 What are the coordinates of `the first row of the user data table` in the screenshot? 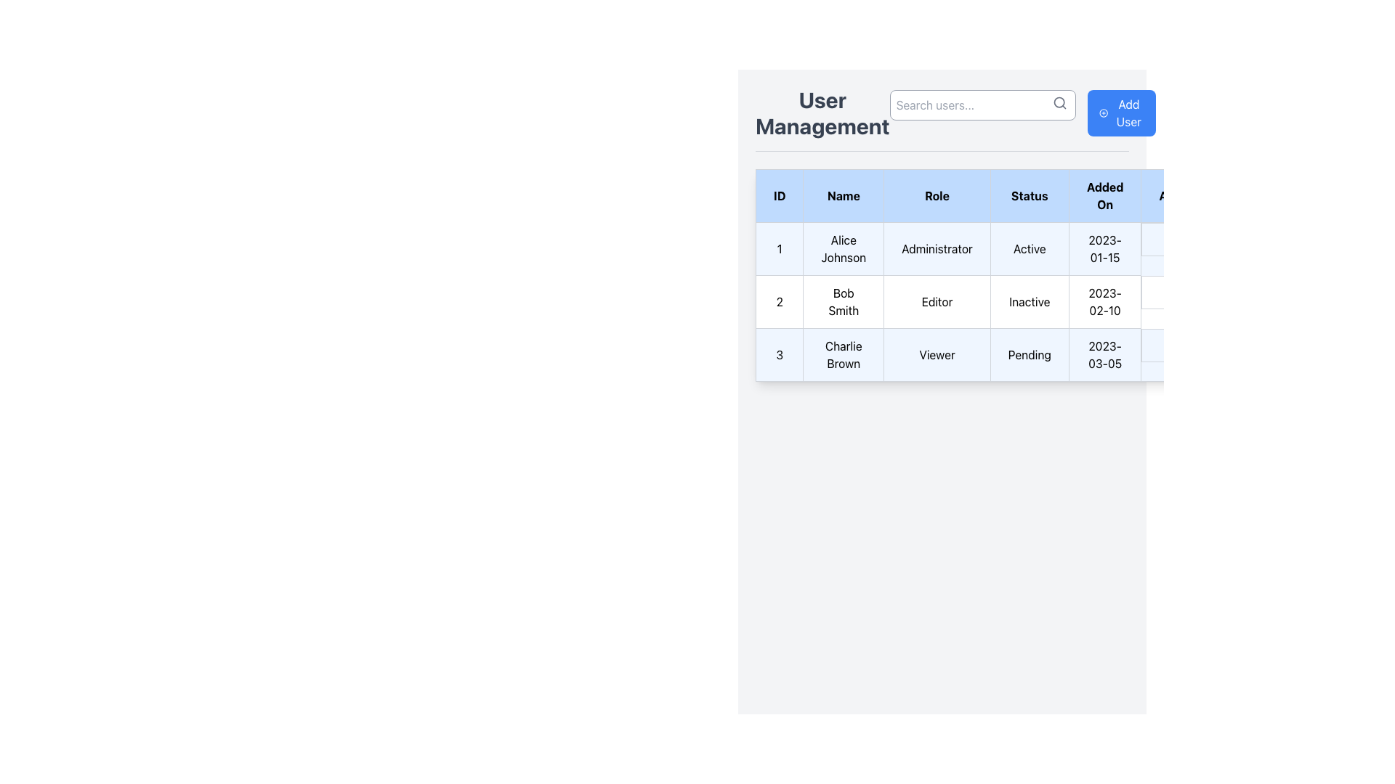 It's located at (987, 248).